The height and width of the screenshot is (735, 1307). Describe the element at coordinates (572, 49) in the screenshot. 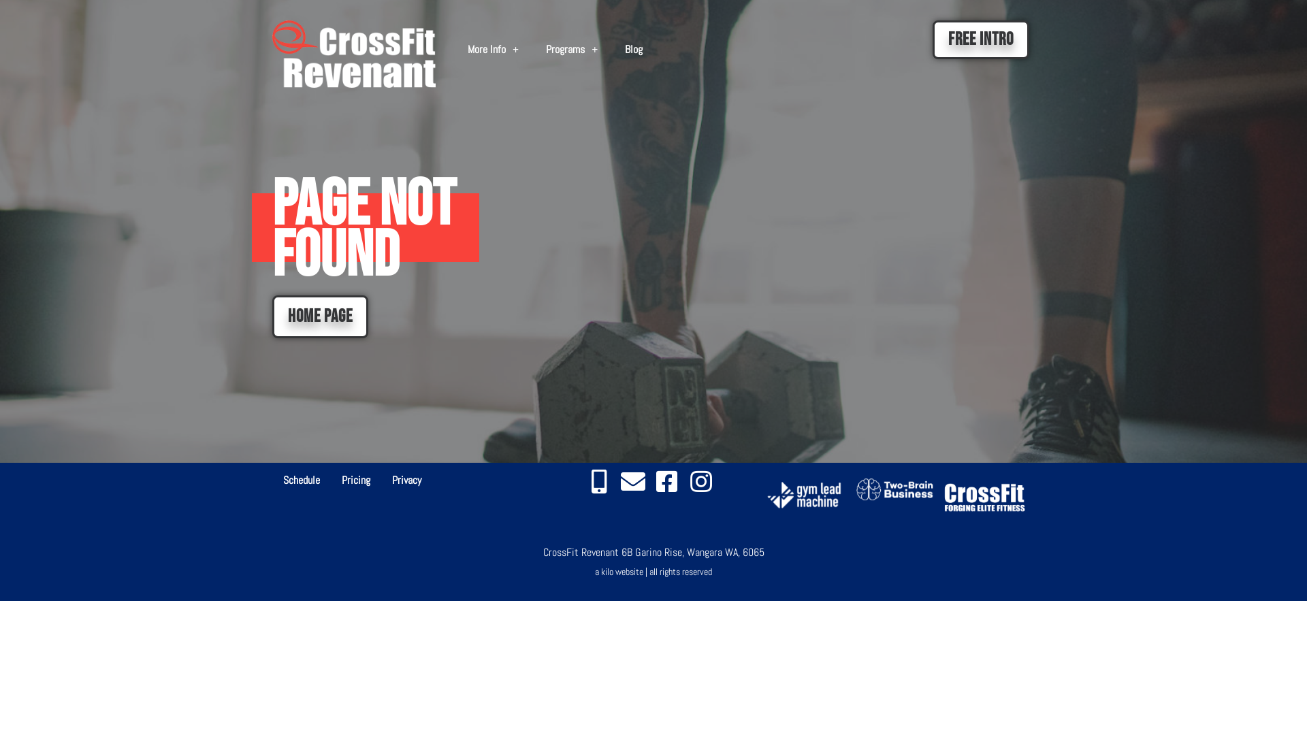

I see `'Programs'` at that location.